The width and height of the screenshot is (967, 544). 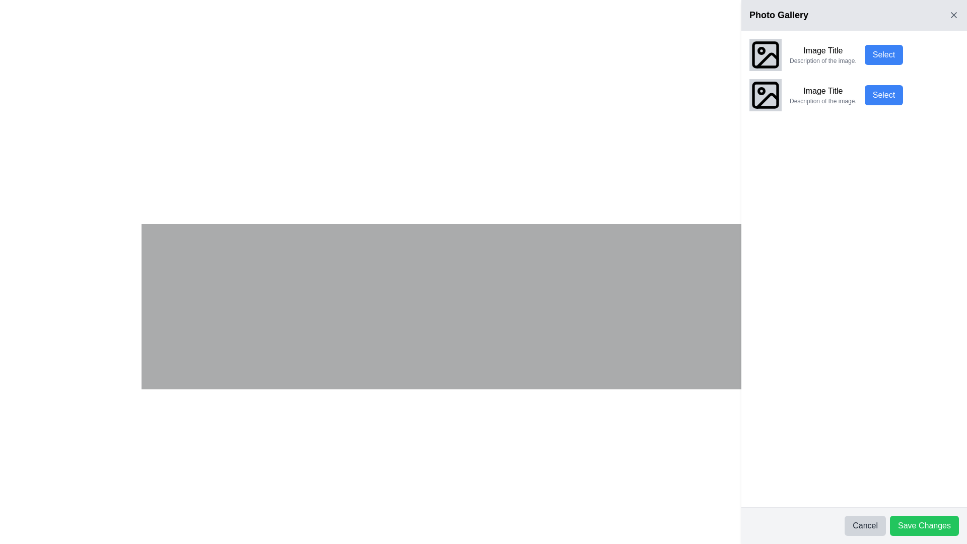 I want to click on text content of the small gray text label containing 'Description of the image.', located underneath the 'Image Title' text, so click(x=823, y=60).